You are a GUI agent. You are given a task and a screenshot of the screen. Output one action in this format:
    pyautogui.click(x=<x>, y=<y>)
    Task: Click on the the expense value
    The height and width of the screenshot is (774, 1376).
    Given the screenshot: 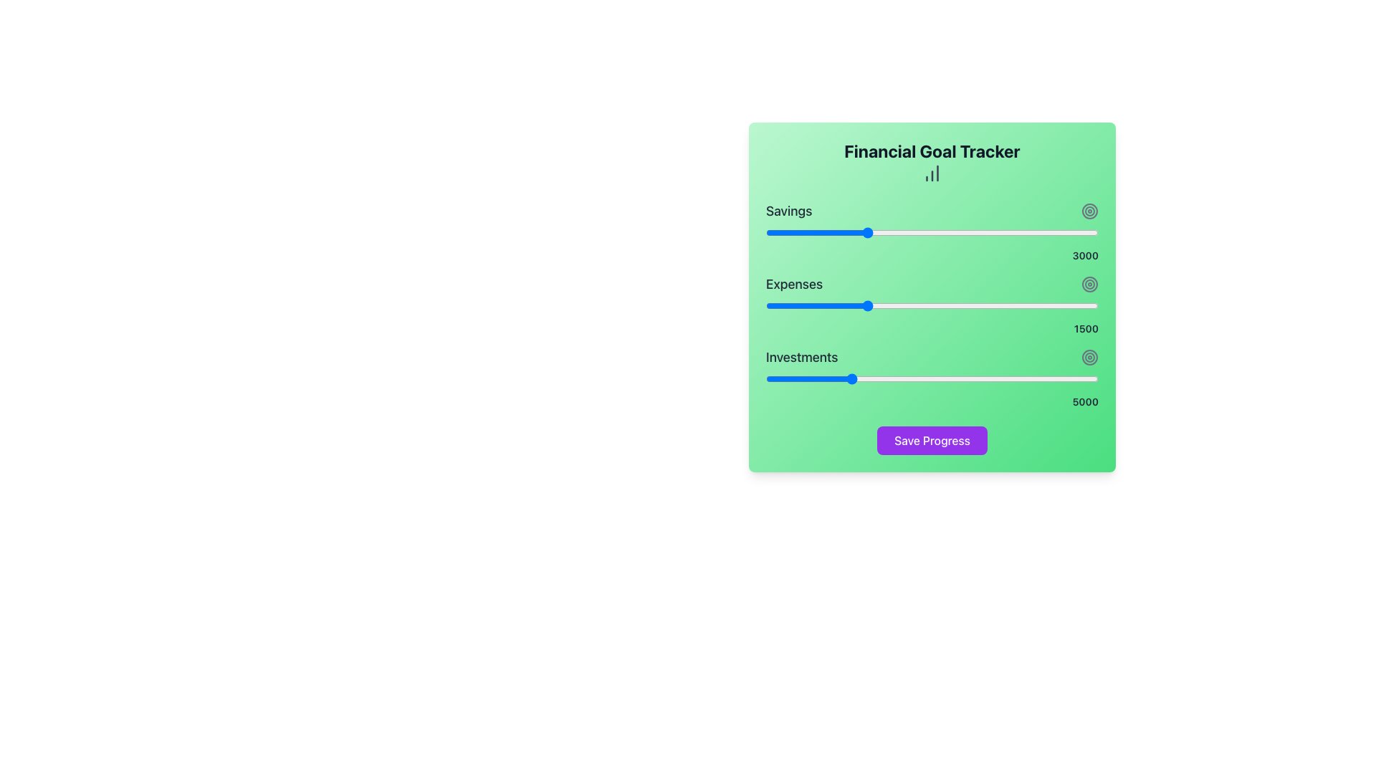 What is the action you would take?
    pyautogui.click(x=1018, y=305)
    